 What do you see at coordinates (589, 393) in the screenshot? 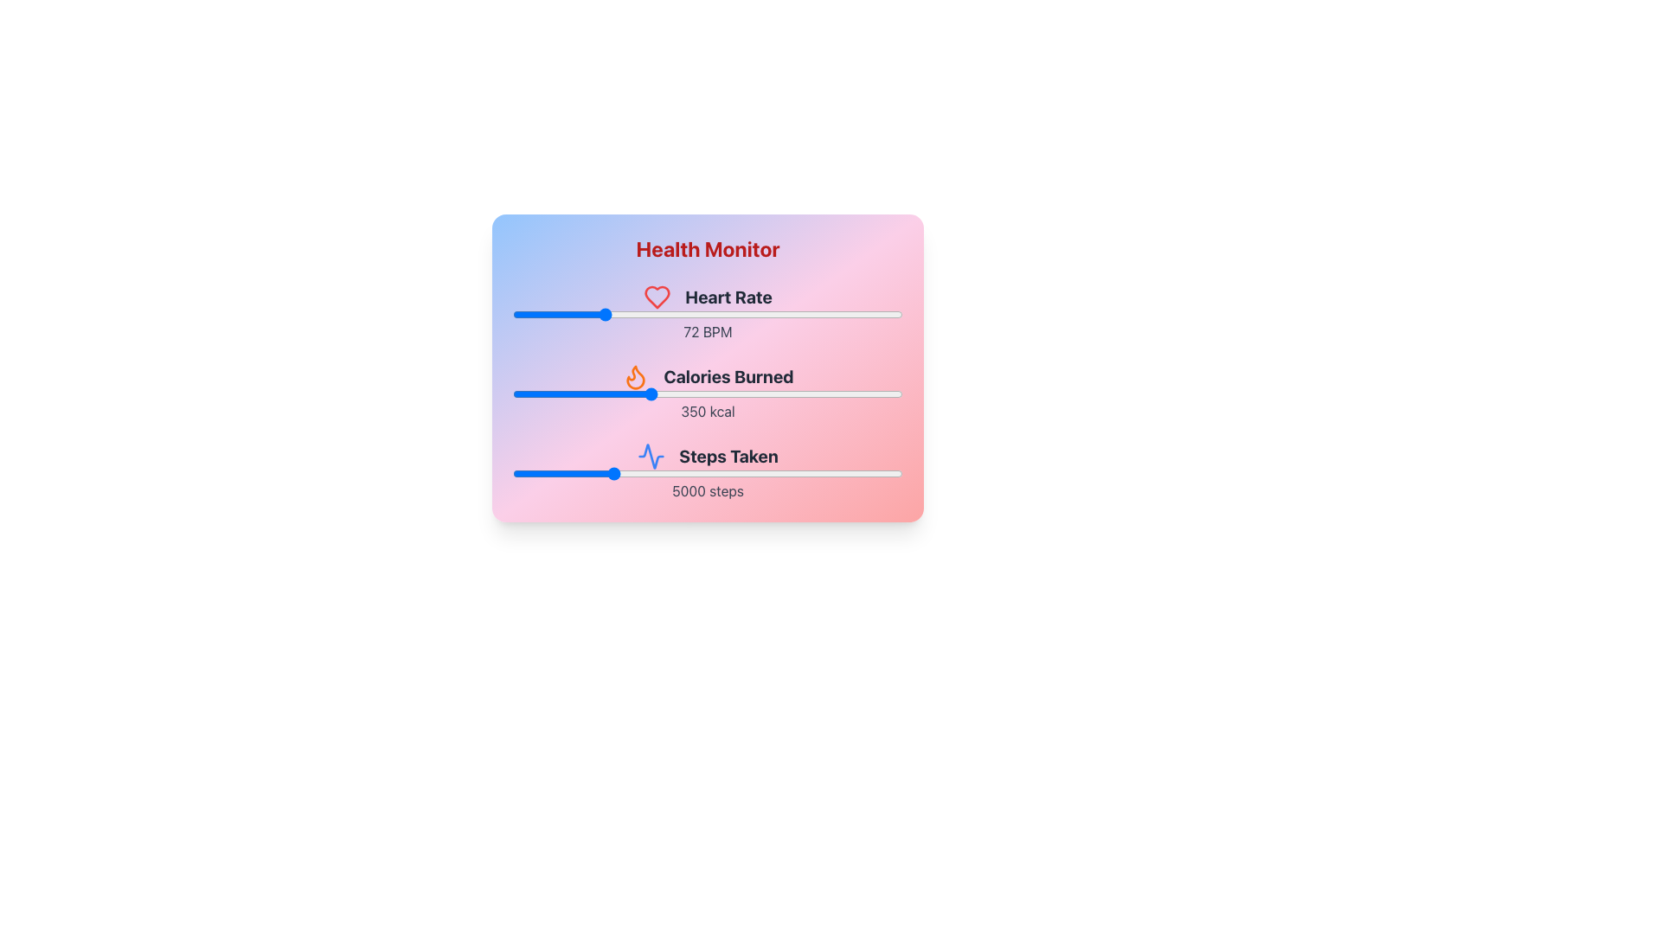
I see `the calories burned slider` at bounding box center [589, 393].